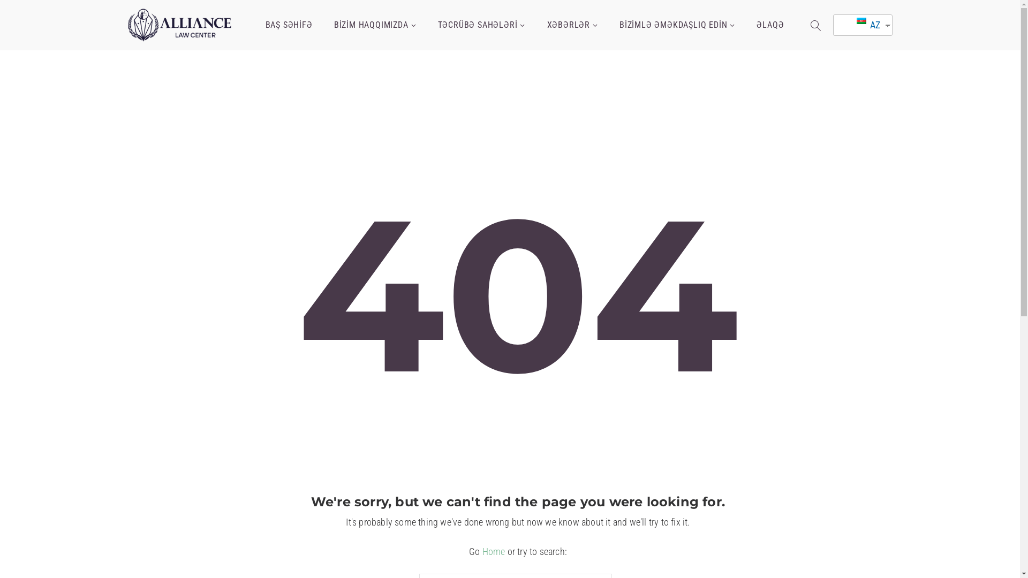 The image size is (1028, 578). Describe the element at coordinates (180, 24) in the screenshot. I see `'Alliance Law Center - '` at that location.